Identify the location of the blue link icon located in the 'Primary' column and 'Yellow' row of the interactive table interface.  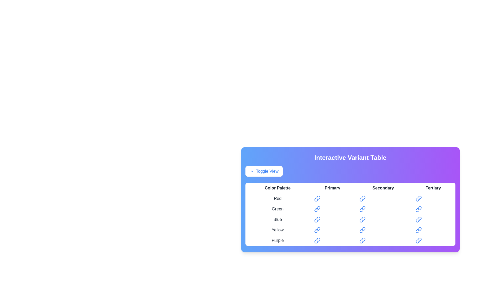
(318, 229).